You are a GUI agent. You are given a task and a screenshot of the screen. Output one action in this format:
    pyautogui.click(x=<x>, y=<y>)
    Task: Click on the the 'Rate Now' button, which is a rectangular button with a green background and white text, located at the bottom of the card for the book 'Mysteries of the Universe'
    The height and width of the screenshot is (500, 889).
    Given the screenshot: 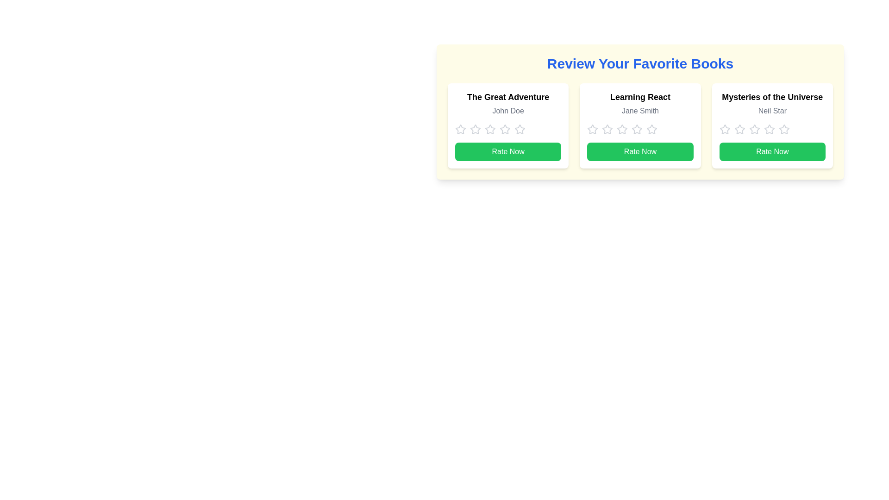 What is the action you would take?
    pyautogui.click(x=772, y=151)
    